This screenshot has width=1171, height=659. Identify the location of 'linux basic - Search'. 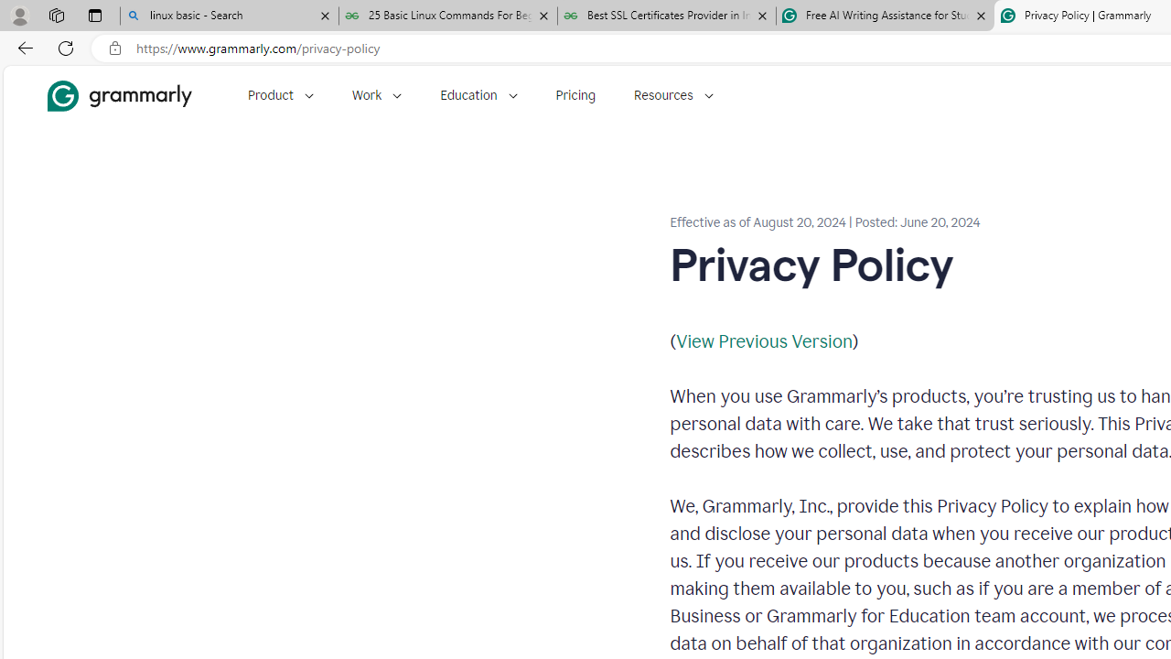
(228, 16).